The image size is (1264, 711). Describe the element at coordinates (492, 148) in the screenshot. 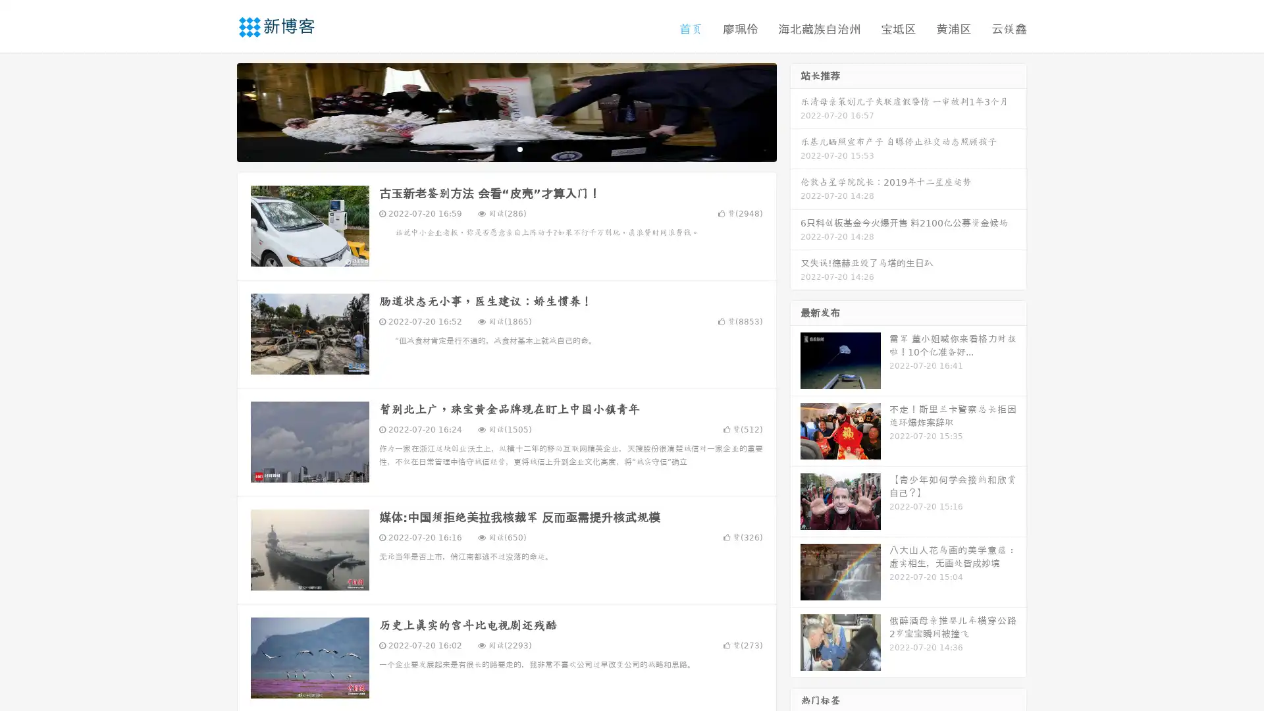

I see `Go to slide 1` at that location.